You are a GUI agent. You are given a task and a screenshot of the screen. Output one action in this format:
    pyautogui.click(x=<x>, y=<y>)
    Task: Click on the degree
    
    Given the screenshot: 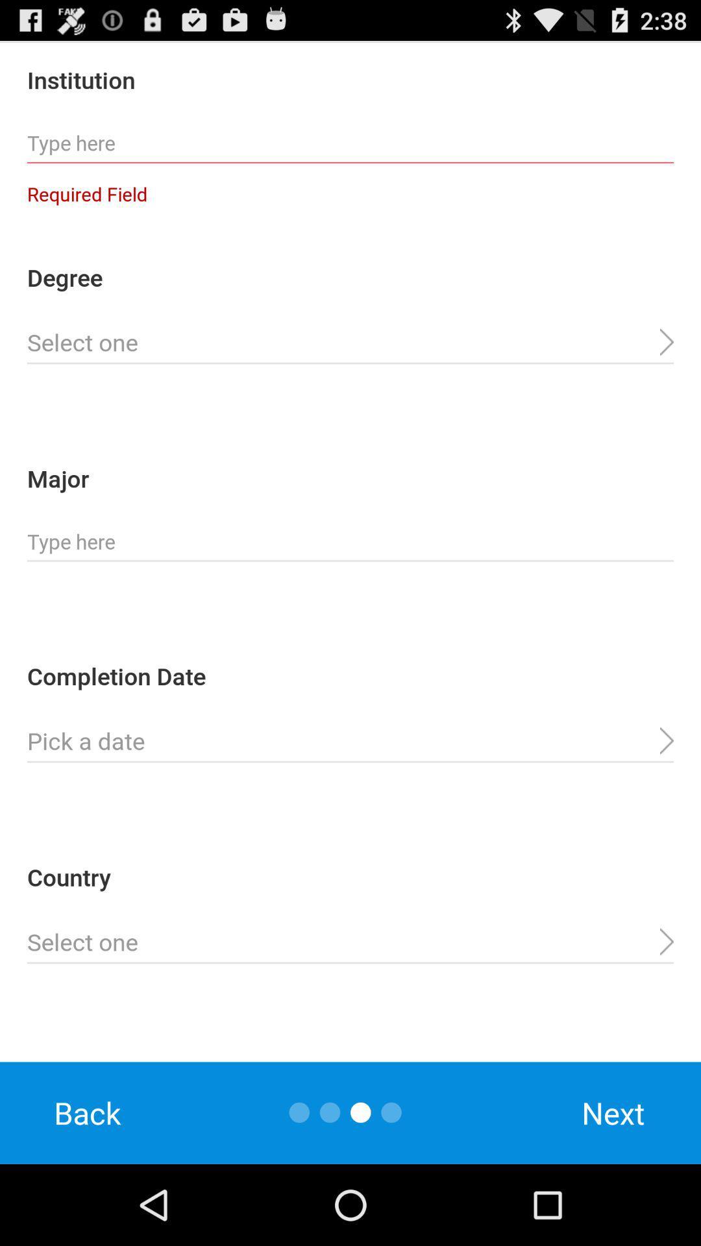 What is the action you would take?
    pyautogui.click(x=350, y=343)
    